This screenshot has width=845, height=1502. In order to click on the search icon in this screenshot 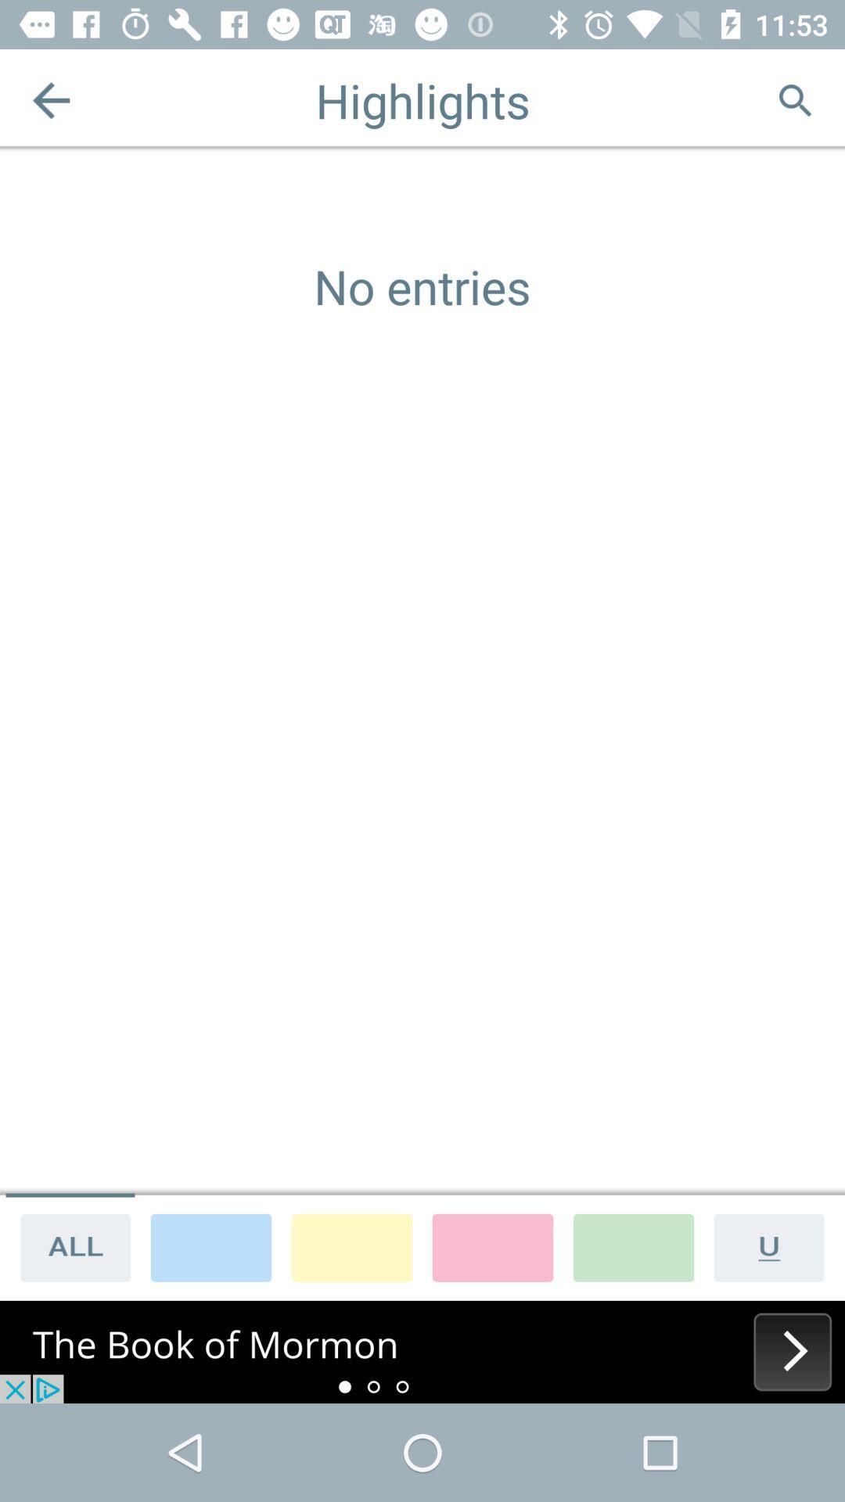, I will do `click(794, 99)`.